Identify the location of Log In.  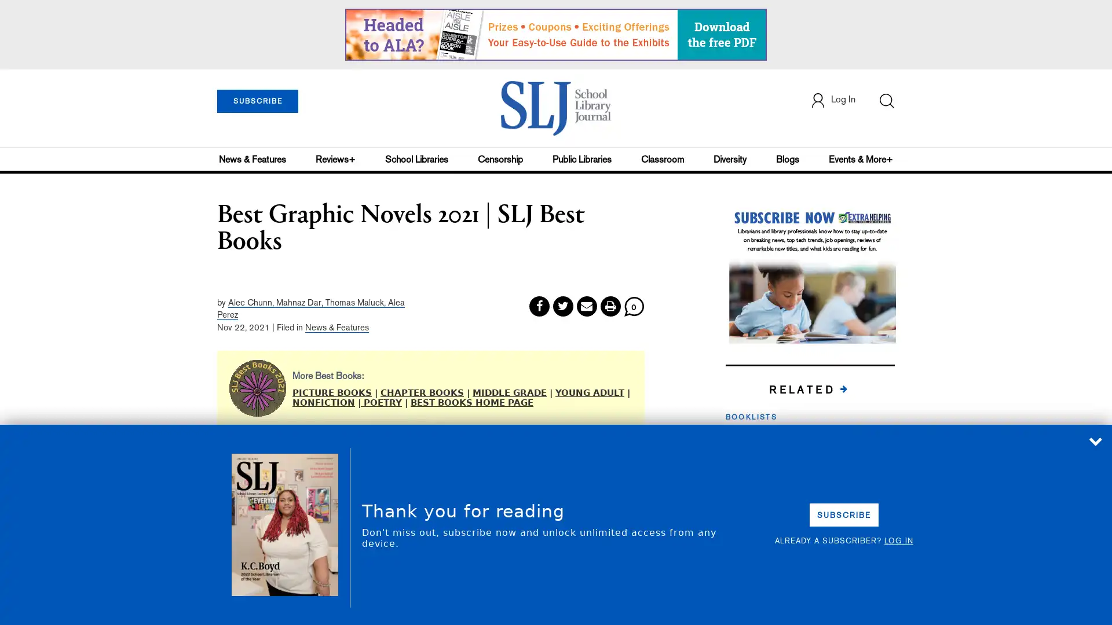
(832, 100).